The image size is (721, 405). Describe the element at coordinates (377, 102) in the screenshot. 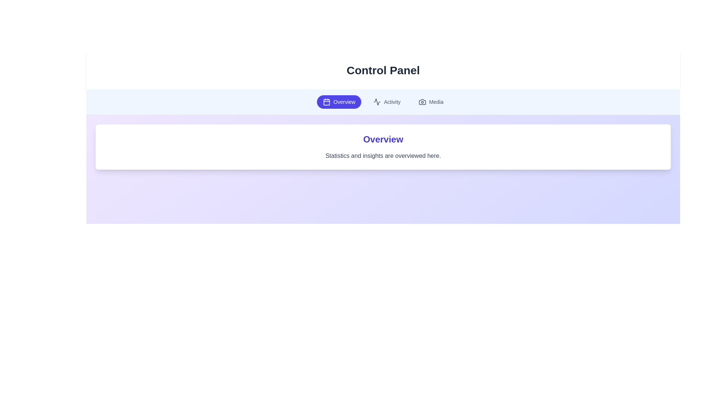

I see `the waveform icon in the top menu bar, which is the second icon in the sequence, located between the 'Overview' and 'Media' icons` at that location.